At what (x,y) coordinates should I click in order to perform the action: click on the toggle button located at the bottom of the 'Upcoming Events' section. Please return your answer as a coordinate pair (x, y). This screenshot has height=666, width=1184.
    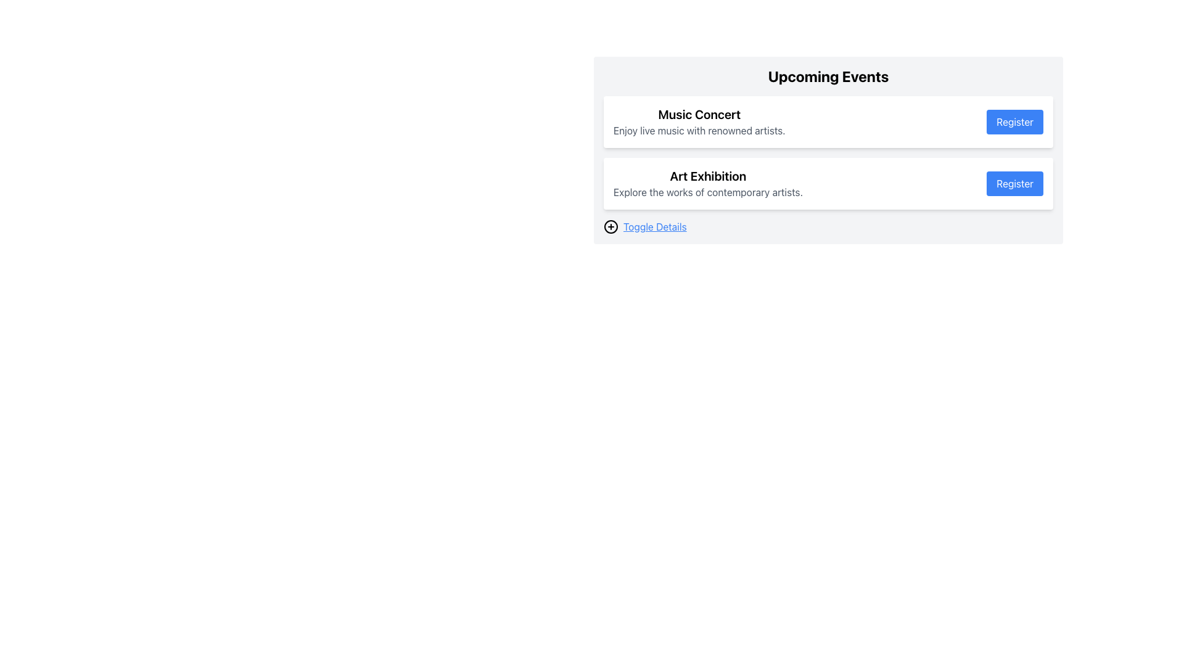
    Looking at the image, I should click on (828, 226).